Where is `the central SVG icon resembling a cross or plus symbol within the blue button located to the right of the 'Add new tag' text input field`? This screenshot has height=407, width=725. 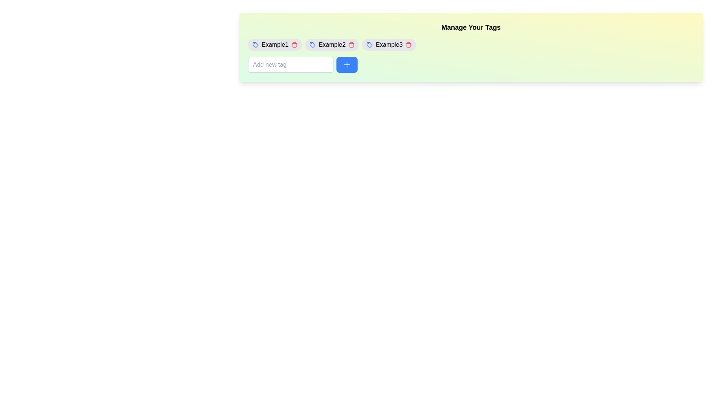
the central SVG icon resembling a cross or plus symbol within the blue button located to the right of the 'Add new tag' text input field is located at coordinates (346, 64).